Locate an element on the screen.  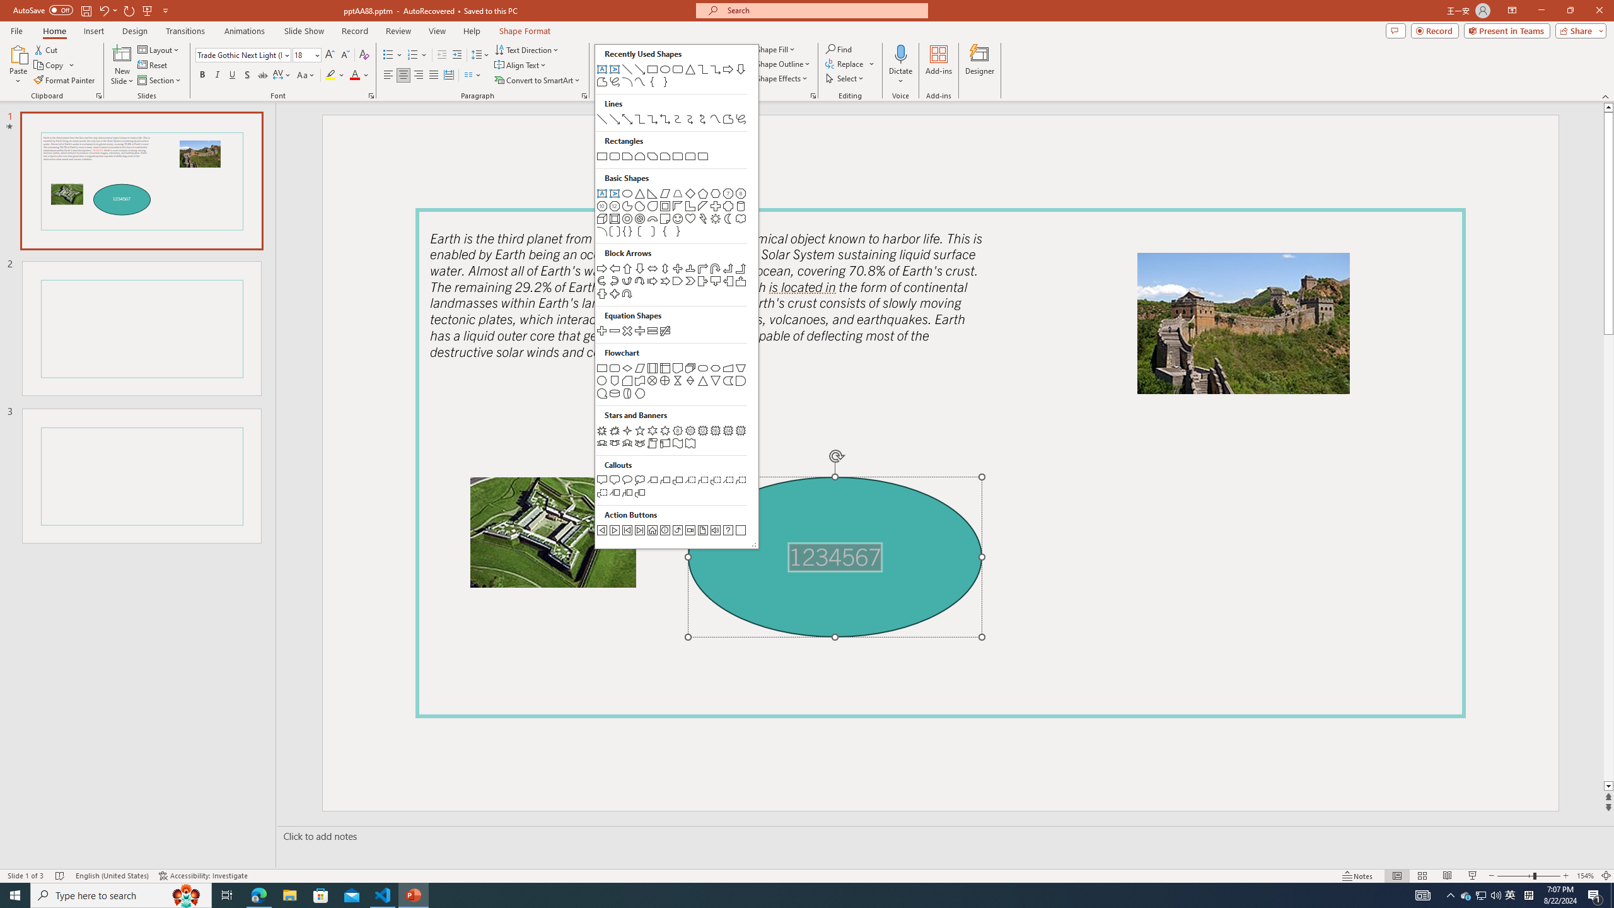
'Class: Net UI Tool Window' is located at coordinates (676, 296).